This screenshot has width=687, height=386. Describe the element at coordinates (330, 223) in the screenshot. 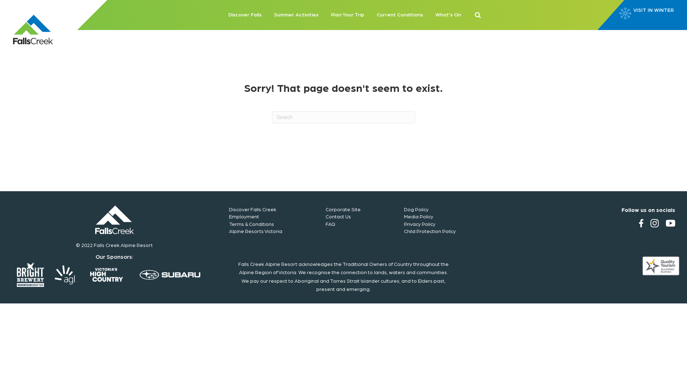

I see `'FAQ'` at that location.